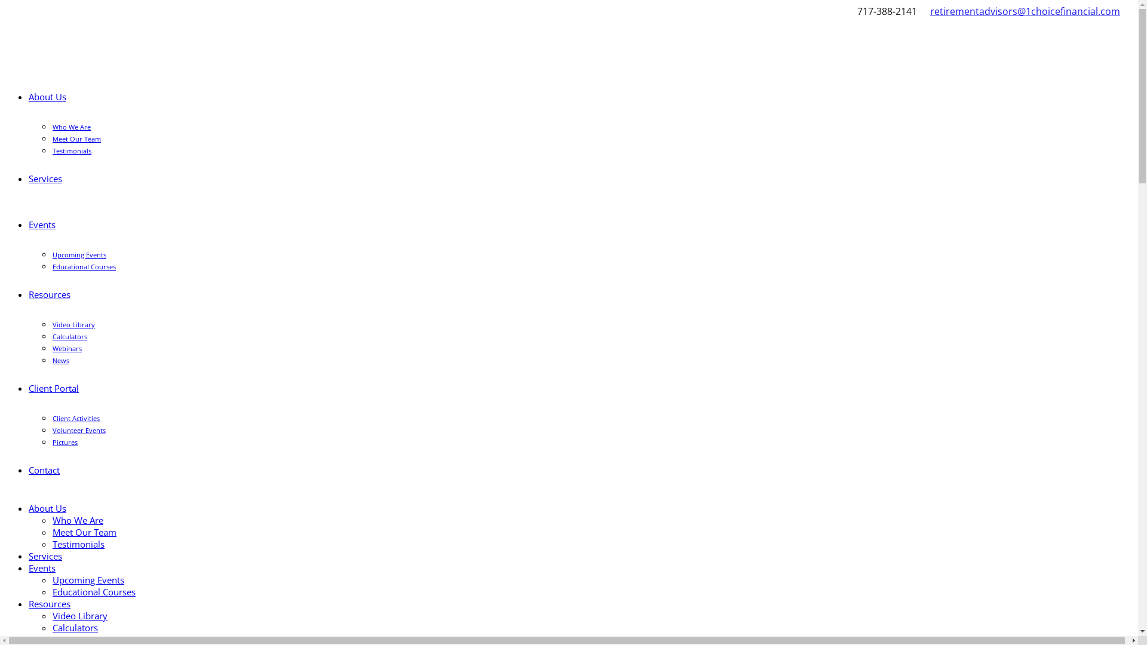 The height and width of the screenshot is (645, 1147). I want to click on 'Pictures', so click(51, 442).